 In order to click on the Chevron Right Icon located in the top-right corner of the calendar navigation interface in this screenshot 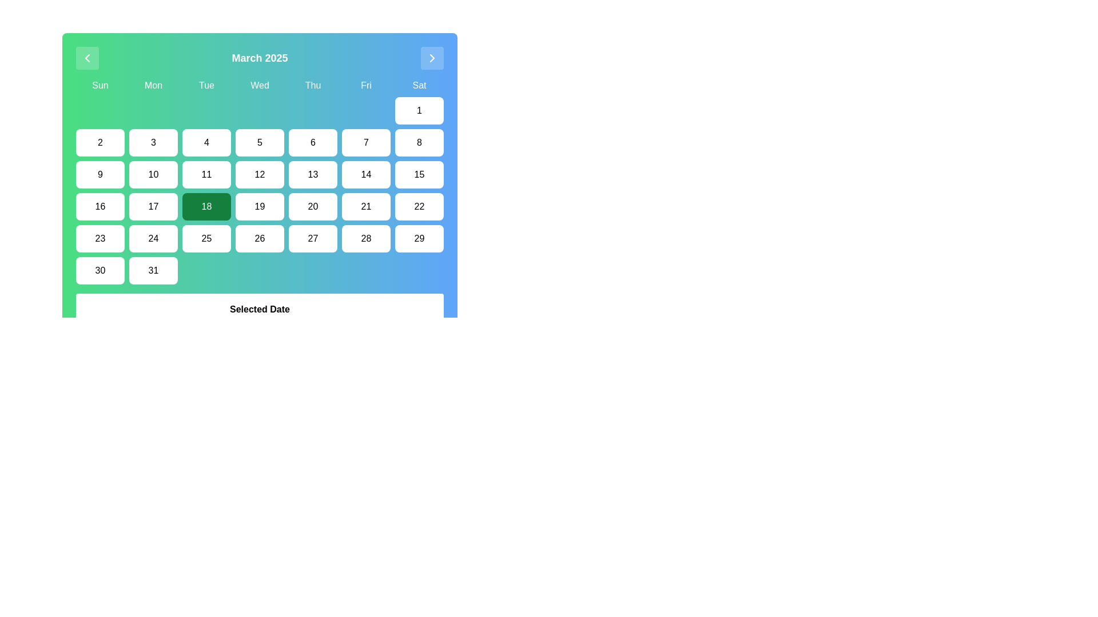, I will do `click(431, 58)`.